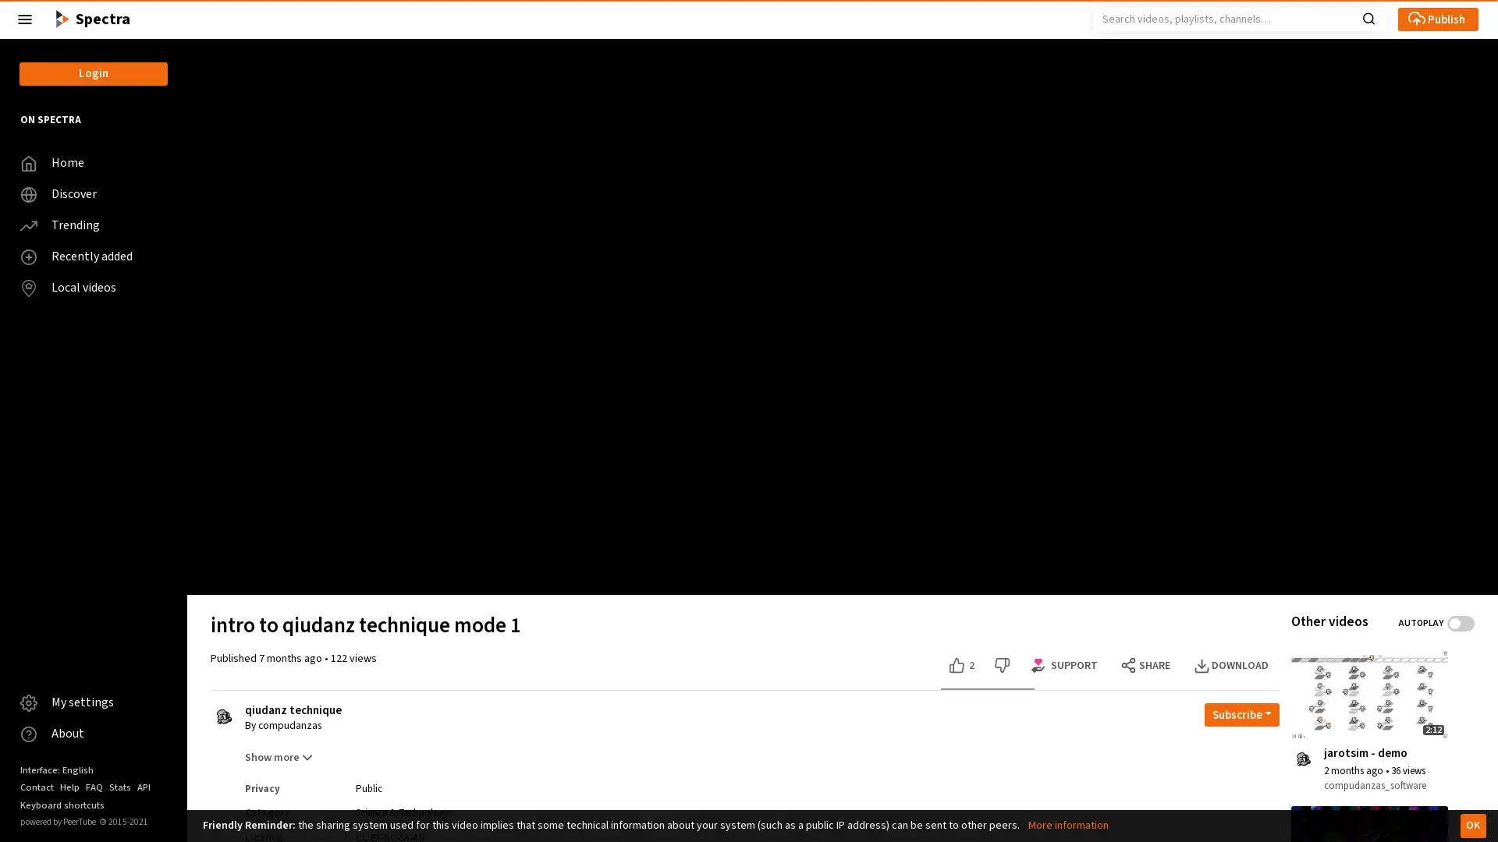 The height and width of the screenshot is (842, 1498). Describe the element at coordinates (1241, 713) in the screenshot. I see `Open subscription dropdown` at that location.